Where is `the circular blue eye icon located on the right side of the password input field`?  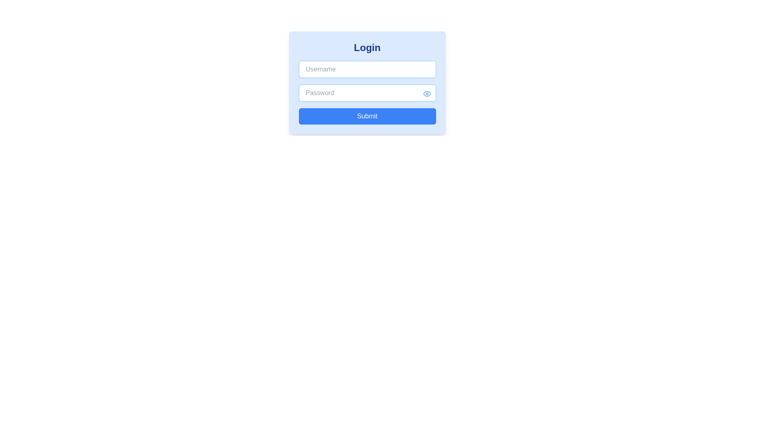 the circular blue eye icon located on the right side of the password input field is located at coordinates (426, 93).